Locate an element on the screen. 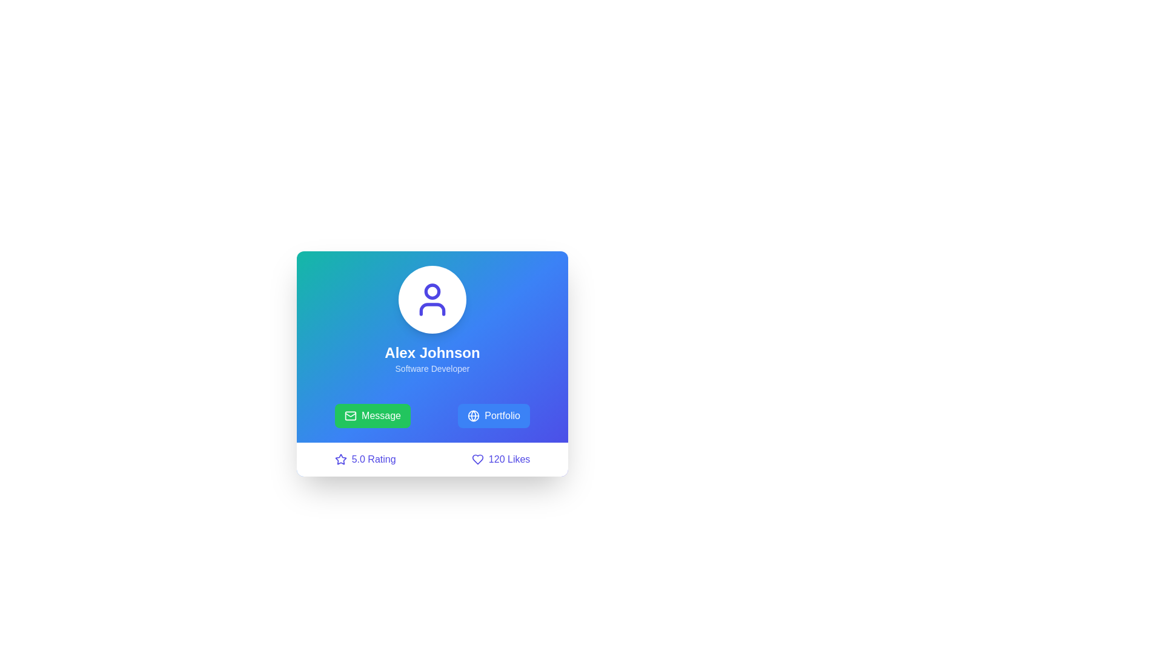 This screenshot has width=1163, height=654. the 'likes' icon located to the left of the text '120 Likes' in the bottom-right corner of the user card is located at coordinates (477, 460).